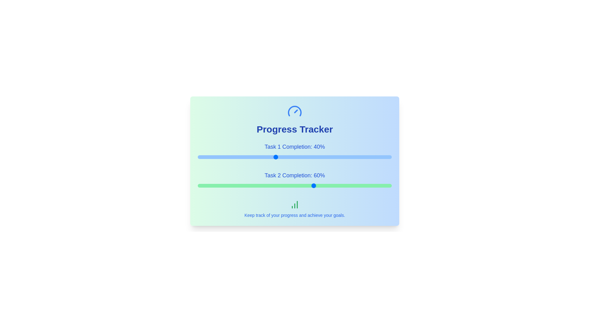 This screenshot has height=336, width=597. What do you see at coordinates (376, 185) in the screenshot?
I see `the Task 2 completion slider` at bounding box center [376, 185].